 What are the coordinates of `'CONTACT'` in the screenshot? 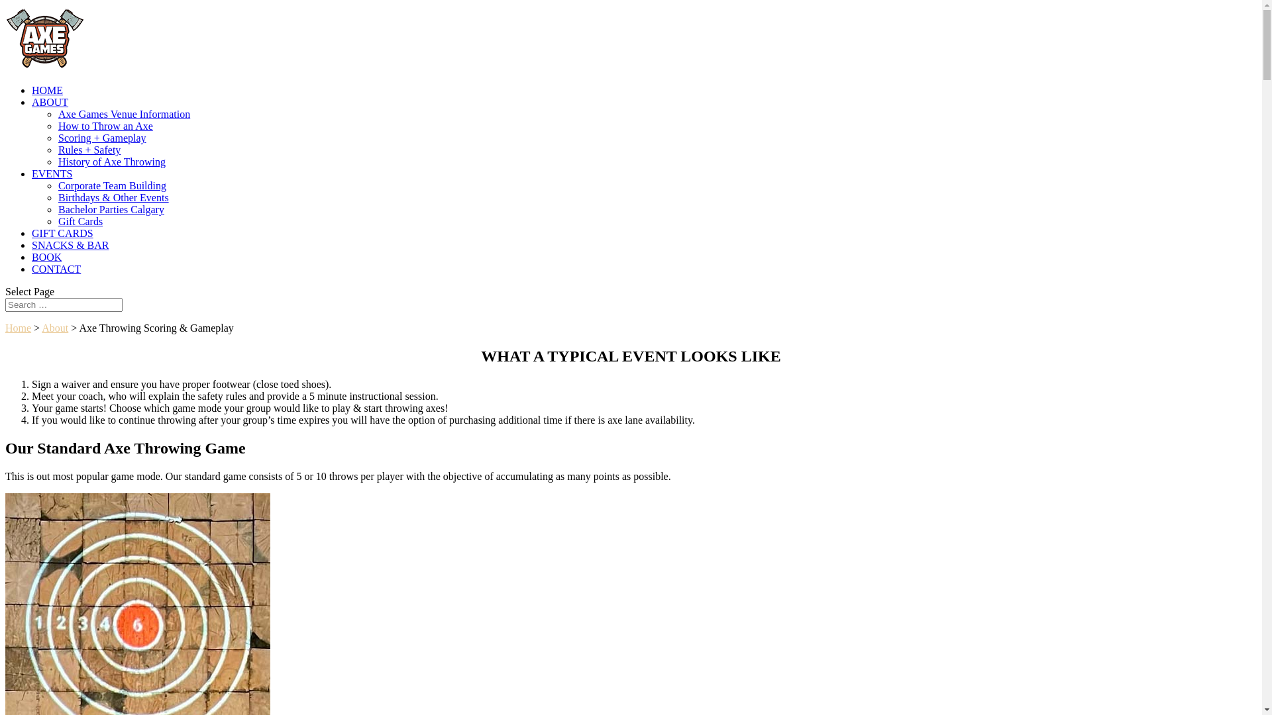 It's located at (32, 268).